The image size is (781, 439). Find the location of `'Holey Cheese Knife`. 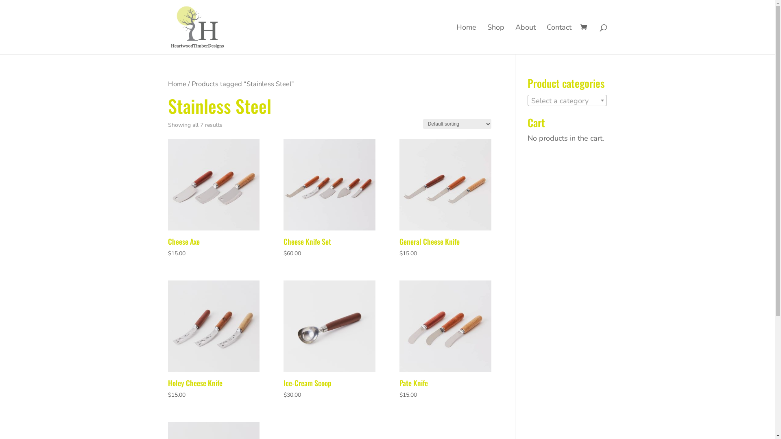

'Holey Cheese Knife is located at coordinates (213, 340).